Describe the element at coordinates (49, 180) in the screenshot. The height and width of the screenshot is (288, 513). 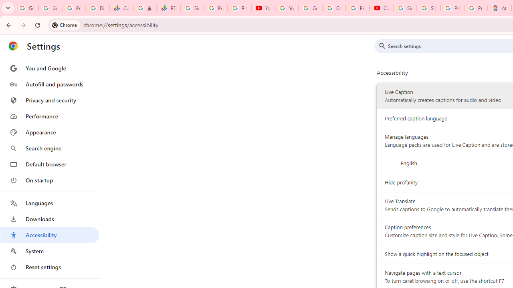
I see `'On startup'` at that location.